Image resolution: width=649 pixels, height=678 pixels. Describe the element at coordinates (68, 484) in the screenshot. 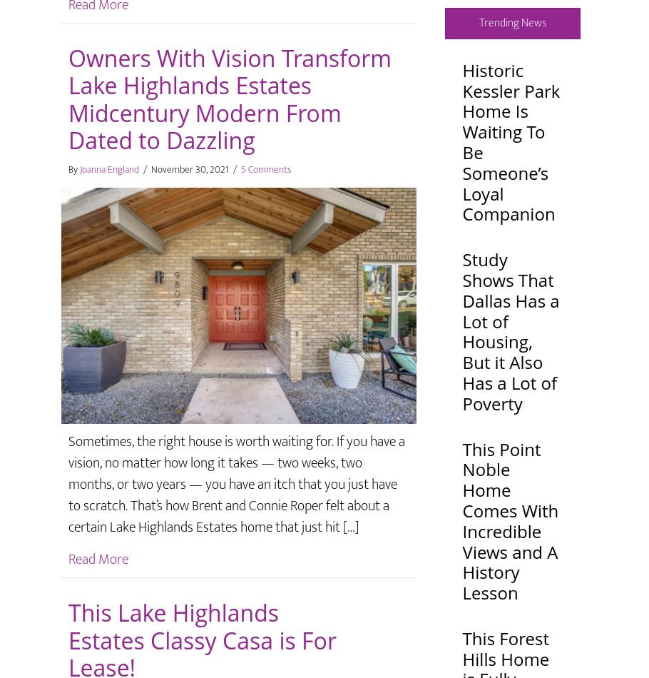

I see `'Sometimes, the right house is worth waiting for. If you have a vision, no matter how long it takes — two weeks, two months, or two years — you have an itch that you just have to scratch. That’s how Brent and Connie Roper felt about a certain Lake Highlands Estates home that just hit […]'` at that location.